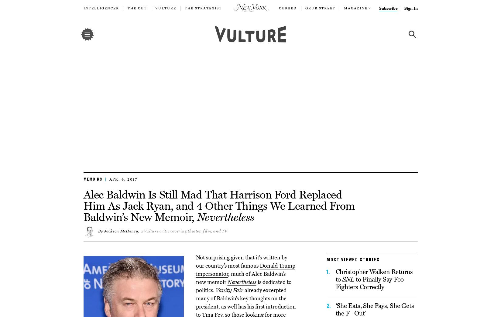 This screenshot has width=501, height=317. Describe the element at coordinates (263, 289) in the screenshot. I see `'excerpted'` at that location.